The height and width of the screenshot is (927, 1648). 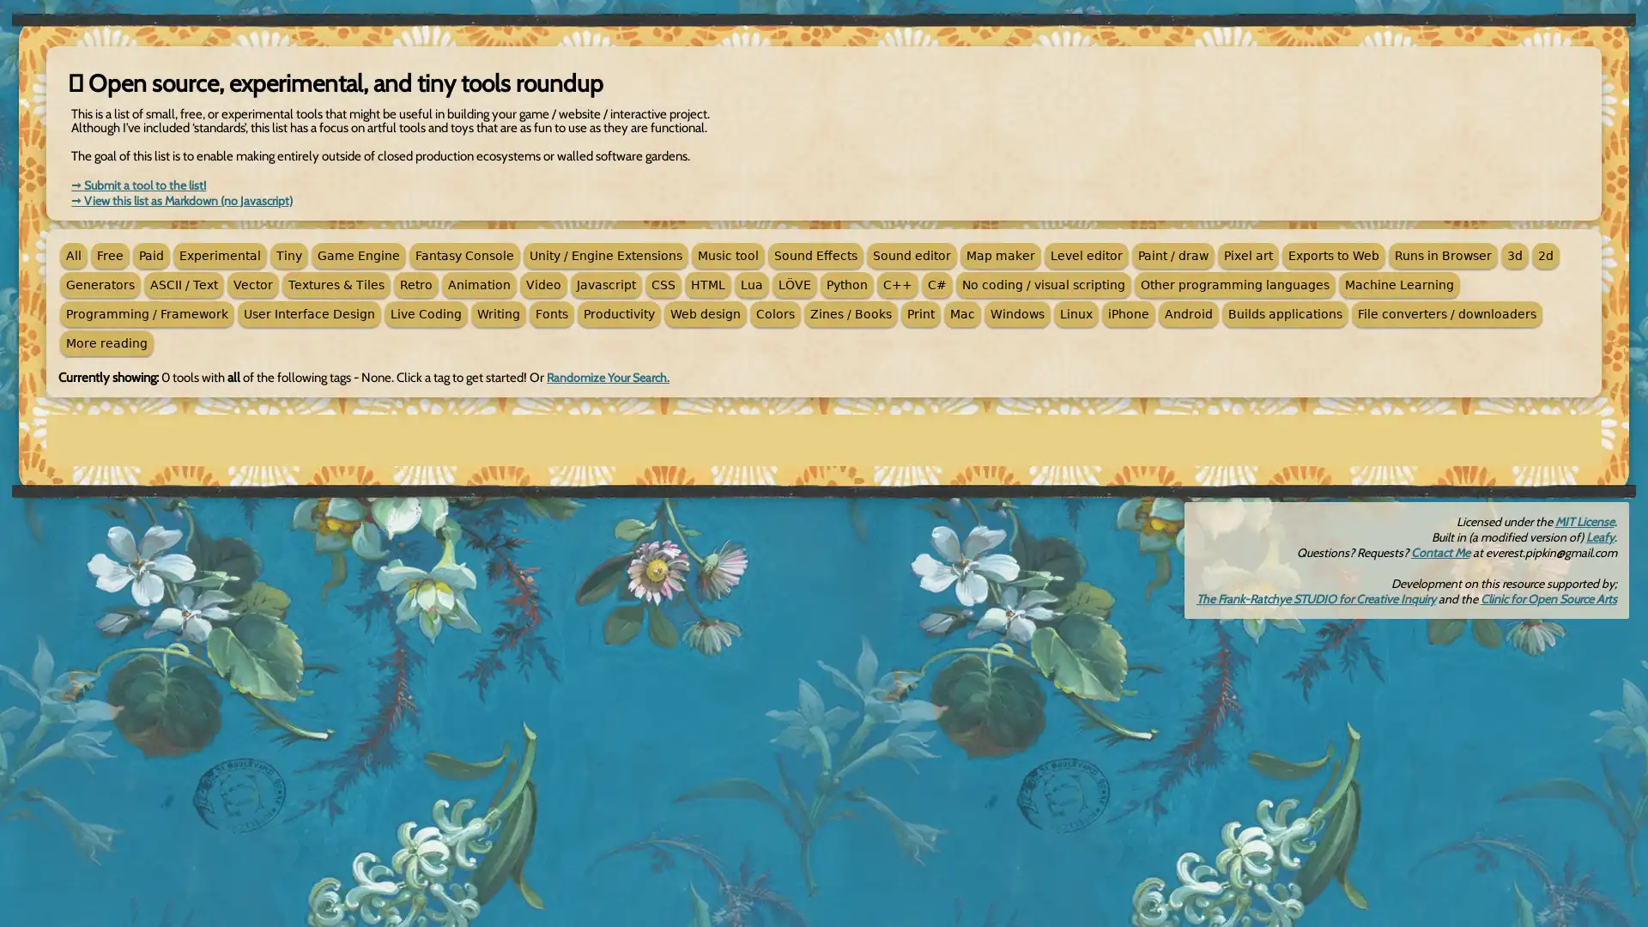 I want to click on C++, so click(x=897, y=283).